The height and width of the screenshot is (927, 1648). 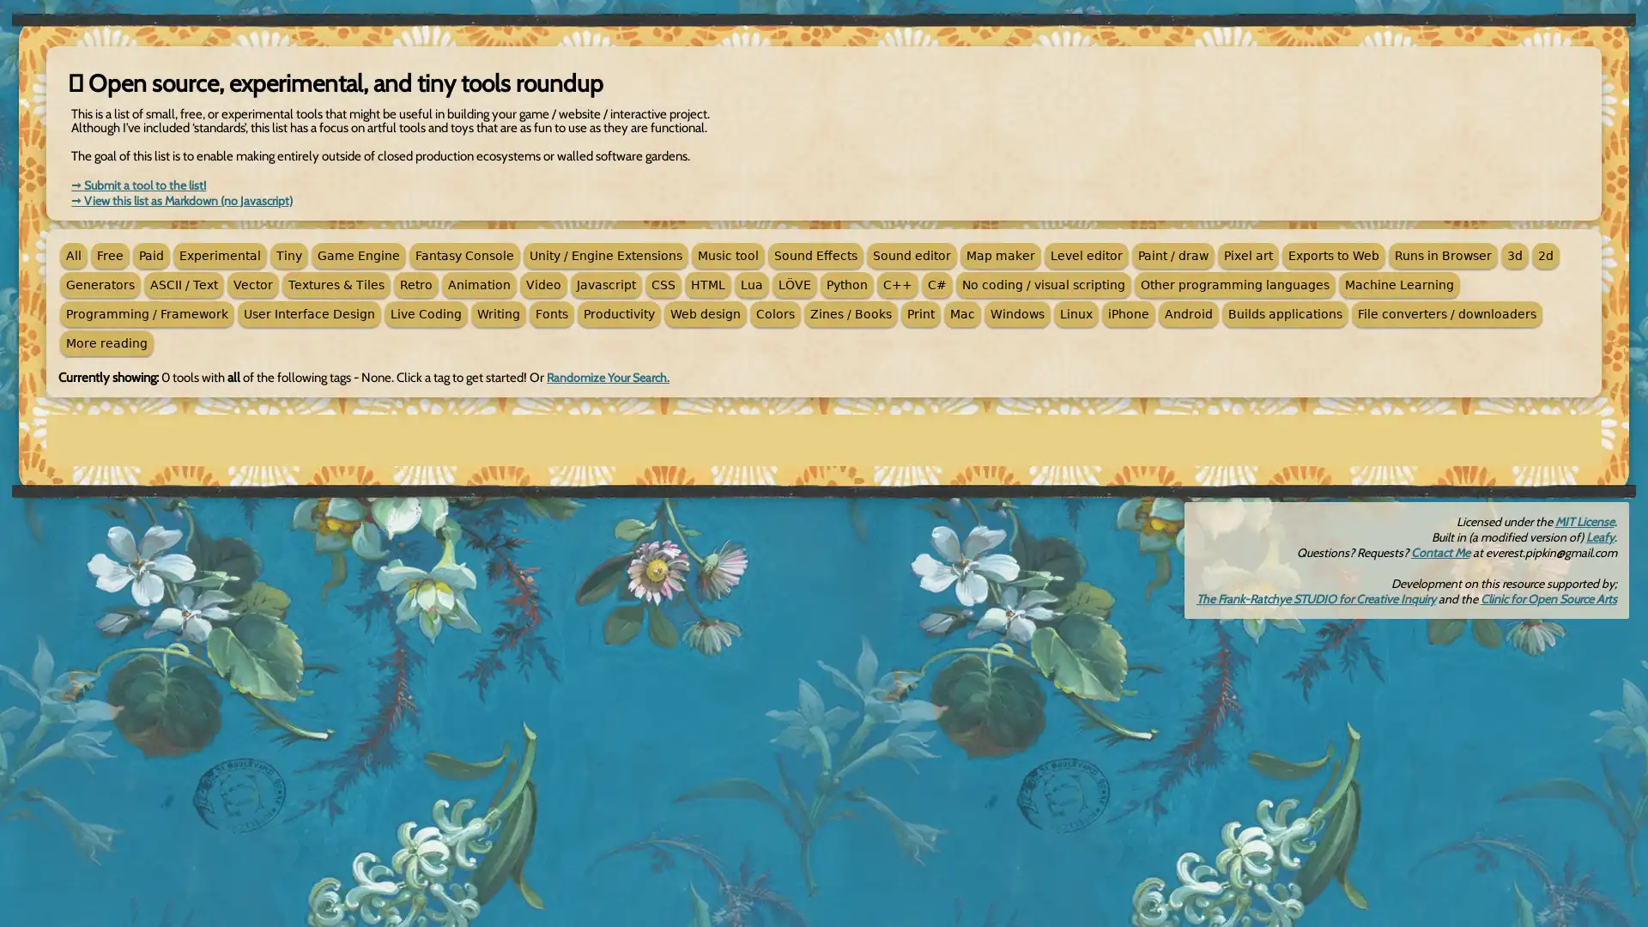 I want to click on C++, so click(x=897, y=283).